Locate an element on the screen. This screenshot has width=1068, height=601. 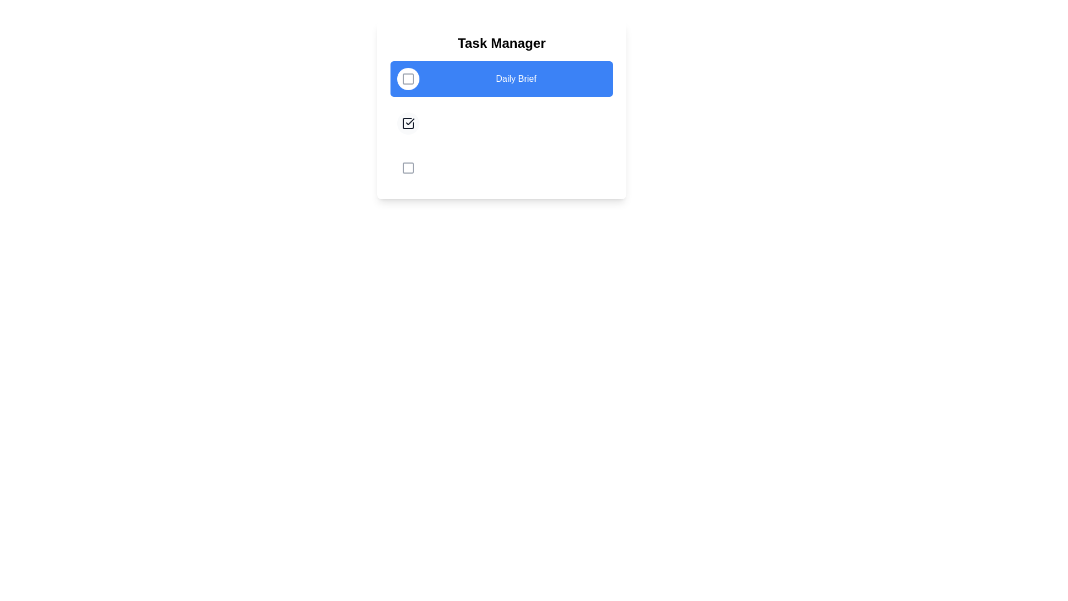
the task Project Planning to observe any additional interactions or effects is located at coordinates (408, 168).